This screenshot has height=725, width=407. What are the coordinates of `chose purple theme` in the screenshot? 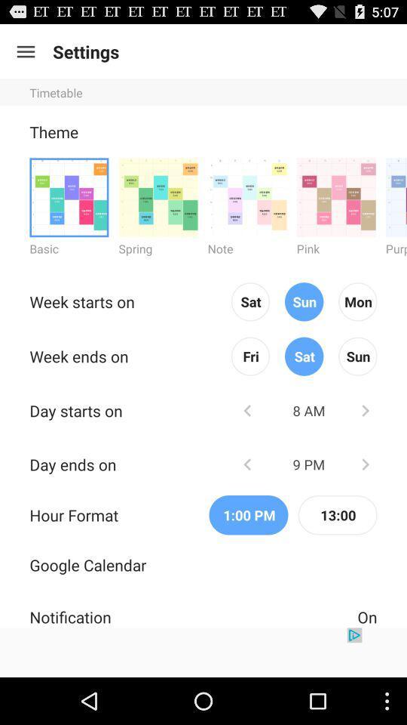 It's located at (396, 196).